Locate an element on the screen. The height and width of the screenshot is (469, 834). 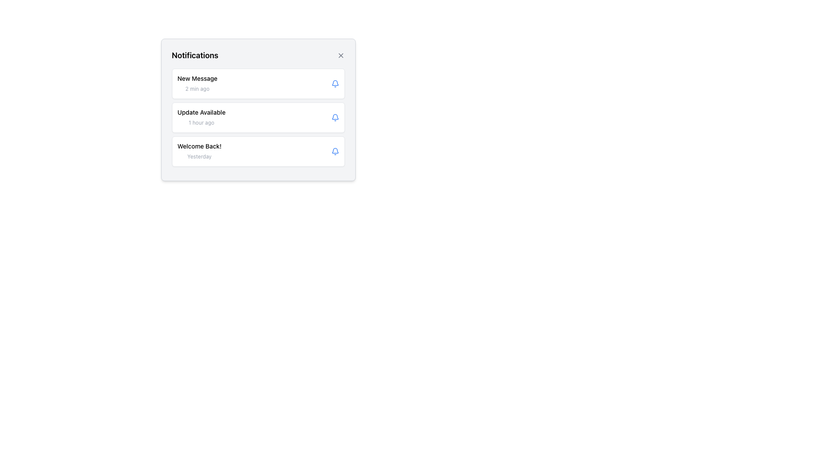
the lower part of the bell icon representing notifications, which is located on the right side of the 'Update Available' notification entry is located at coordinates (334, 116).